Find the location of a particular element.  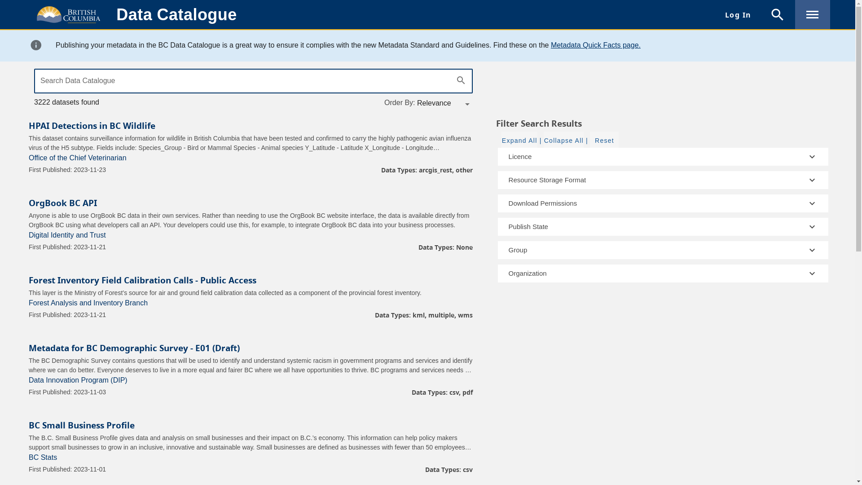

'HPAI Detections in BC Wildlife' is located at coordinates (92, 125).